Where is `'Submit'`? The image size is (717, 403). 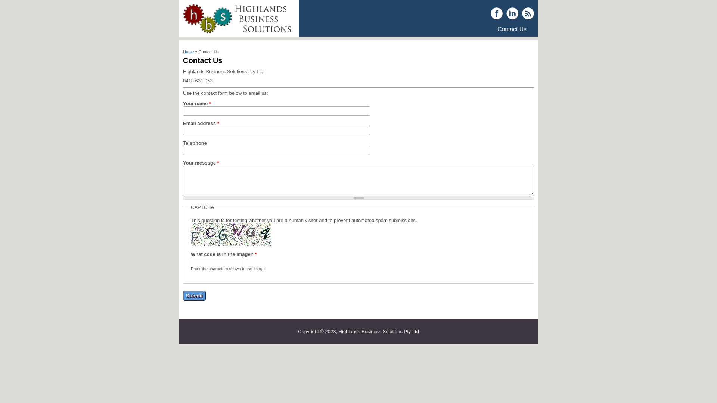 'Submit' is located at coordinates (194, 295).